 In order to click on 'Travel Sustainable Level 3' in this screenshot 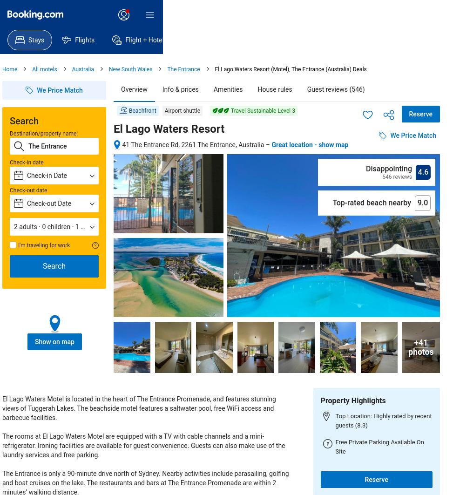, I will do `click(263, 111)`.